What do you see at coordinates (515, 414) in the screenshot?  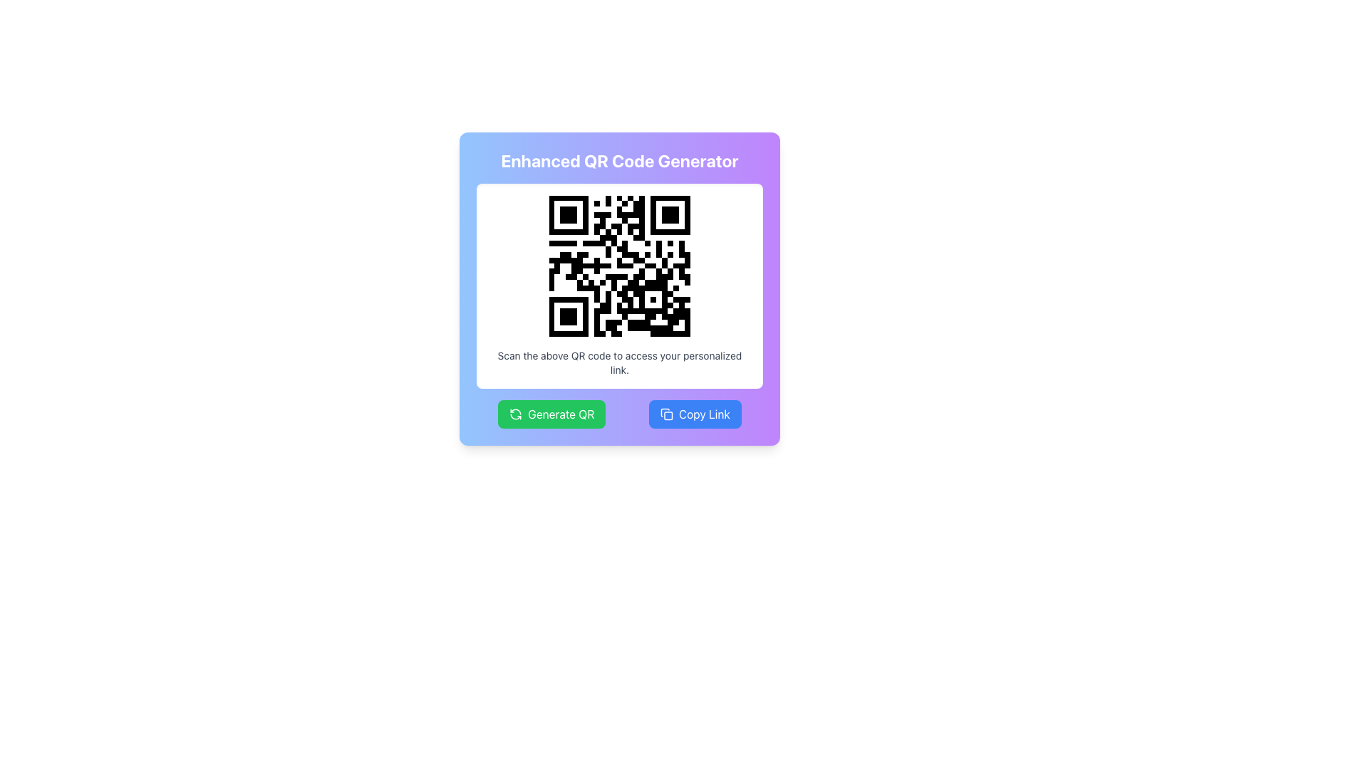 I see `the icon inside the green 'Generate QR' button, which indicates the action to reload or regenerate the QR code` at bounding box center [515, 414].